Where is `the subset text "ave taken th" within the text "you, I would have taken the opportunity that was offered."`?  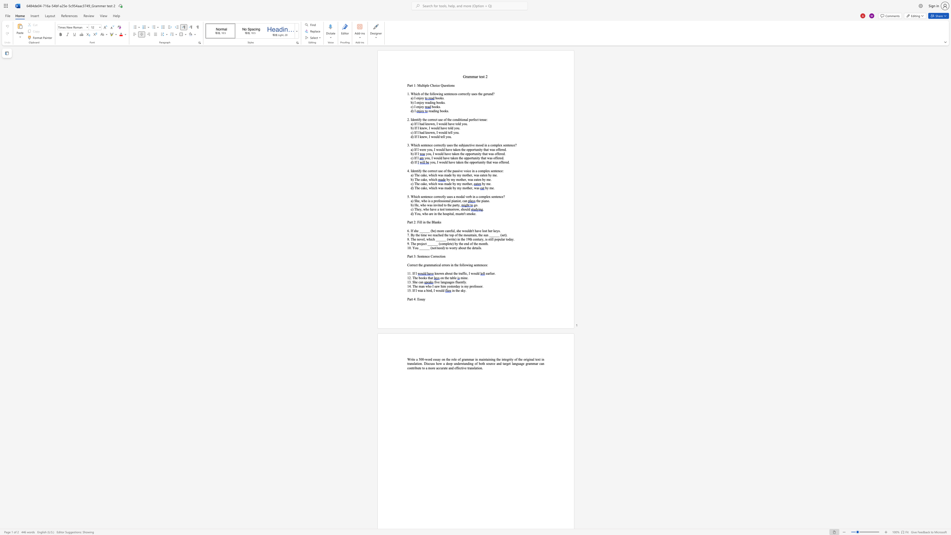 the subset text "ave taken th" within the text "you, I would have taken the opportunity that was offered." is located at coordinates (444, 158).